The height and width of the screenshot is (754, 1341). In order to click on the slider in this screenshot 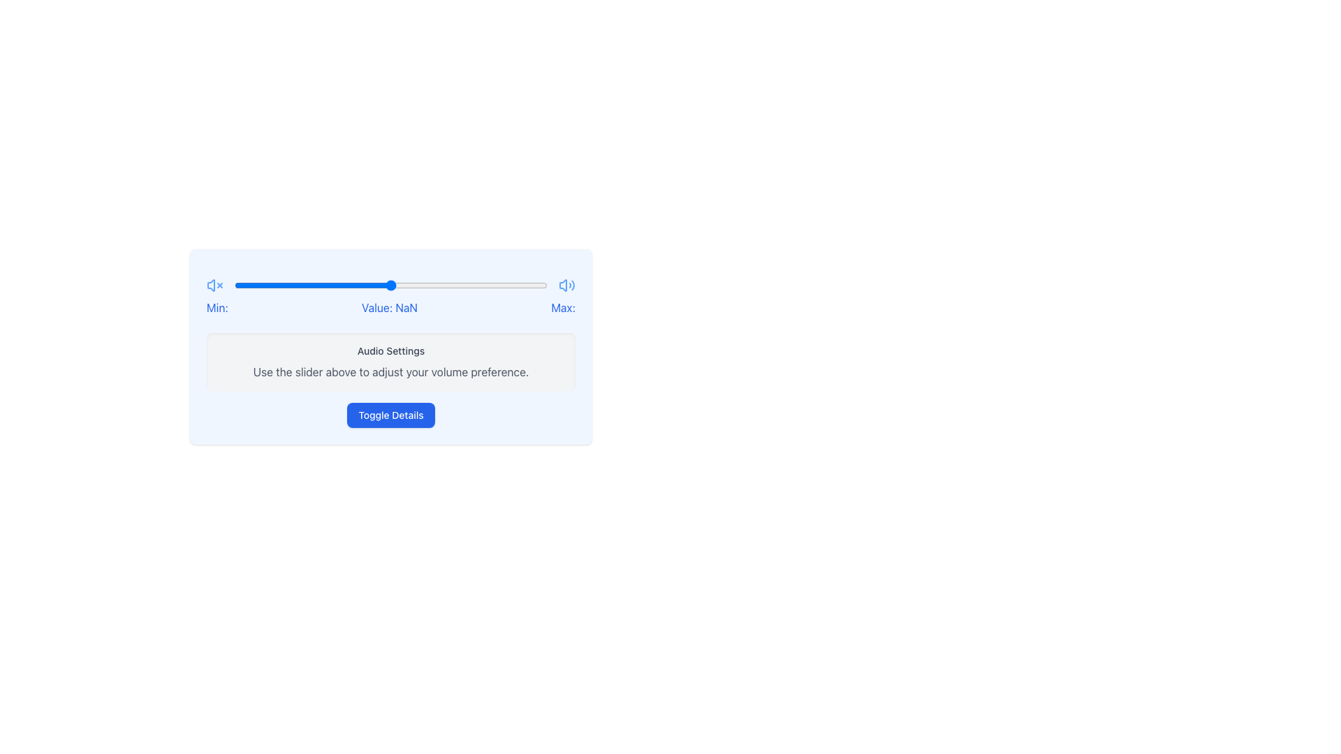, I will do `click(481, 284)`.